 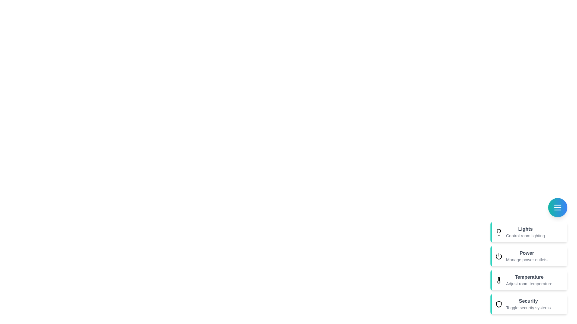 What do you see at coordinates (529, 256) in the screenshot?
I see `the Power action from the menu` at bounding box center [529, 256].